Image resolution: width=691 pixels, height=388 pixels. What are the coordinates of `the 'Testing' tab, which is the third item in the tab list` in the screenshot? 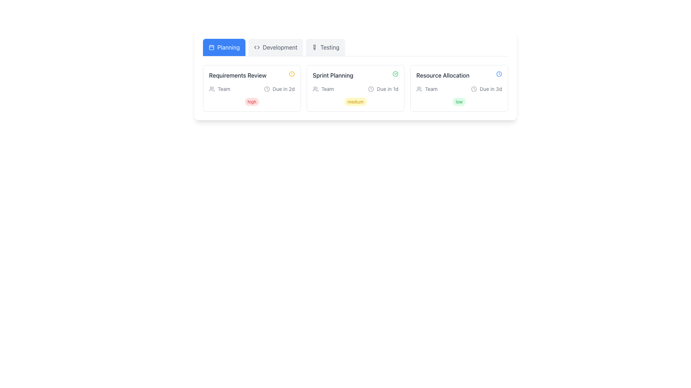 It's located at (325, 47).